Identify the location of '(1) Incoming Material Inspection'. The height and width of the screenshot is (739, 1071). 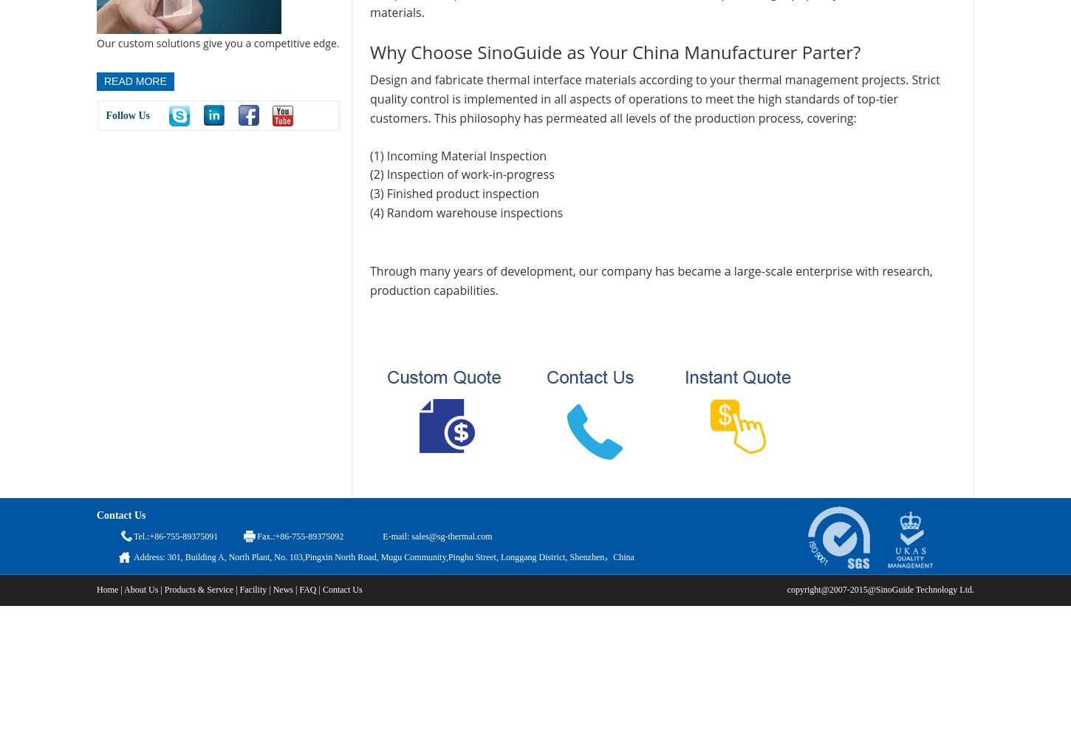
(457, 154).